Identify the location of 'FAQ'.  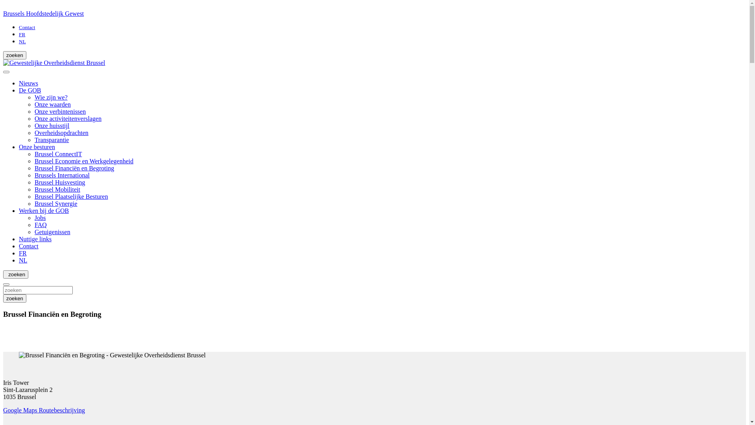
(40, 225).